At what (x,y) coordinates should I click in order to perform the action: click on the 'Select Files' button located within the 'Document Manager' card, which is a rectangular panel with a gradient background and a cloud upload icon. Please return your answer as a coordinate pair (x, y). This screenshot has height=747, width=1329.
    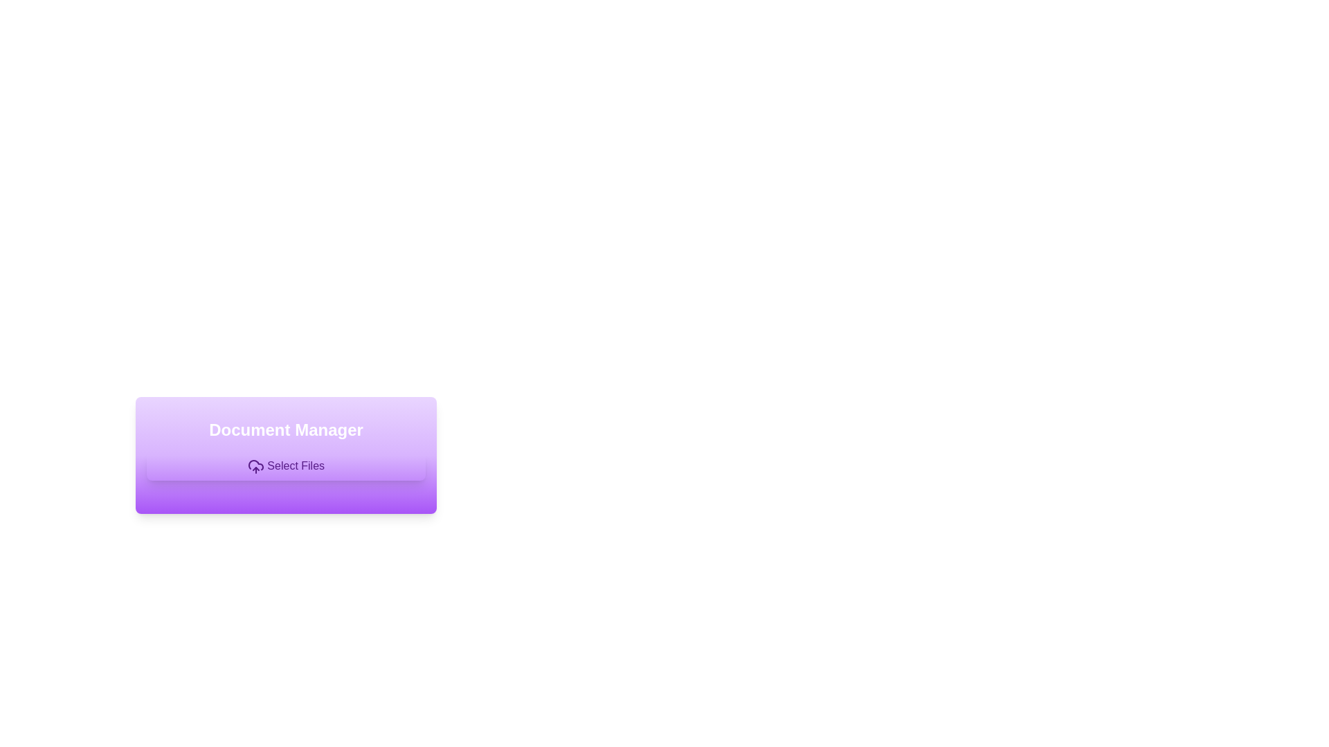
    Looking at the image, I should click on (285, 455).